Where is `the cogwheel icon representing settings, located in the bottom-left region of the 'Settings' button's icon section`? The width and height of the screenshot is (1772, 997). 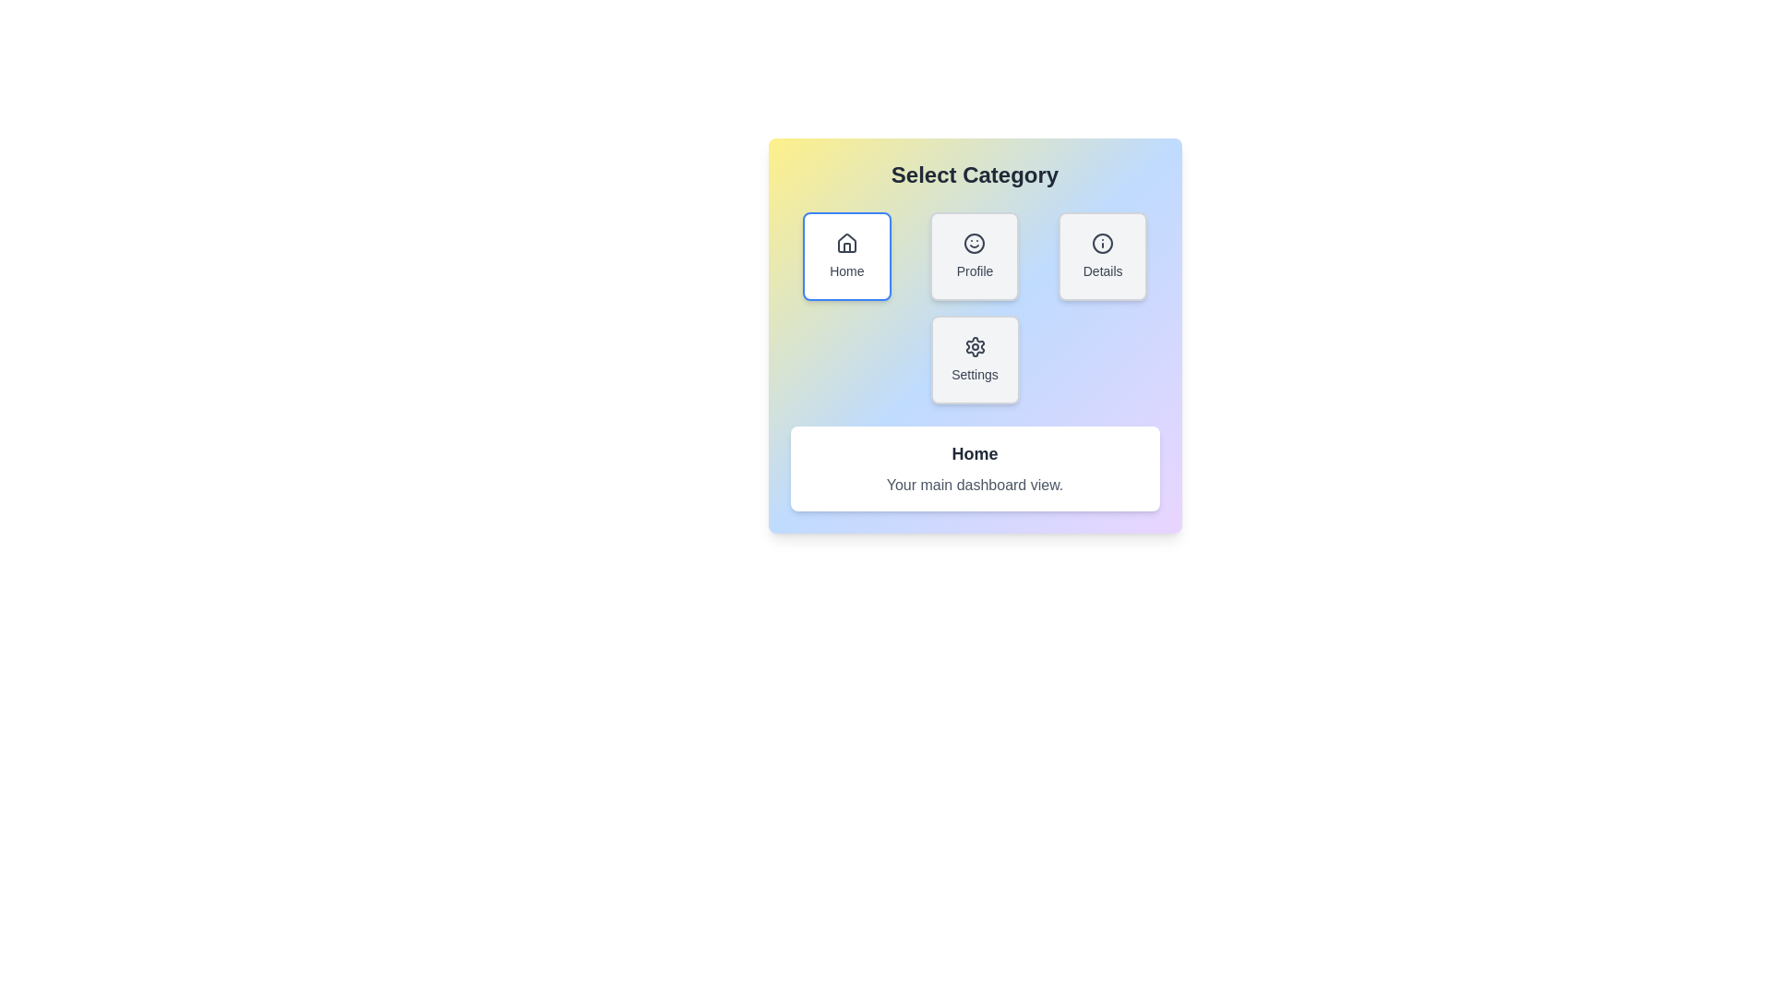
the cogwheel icon representing settings, located in the bottom-left region of the 'Settings' button's icon section is located at coordinates (974, 346).